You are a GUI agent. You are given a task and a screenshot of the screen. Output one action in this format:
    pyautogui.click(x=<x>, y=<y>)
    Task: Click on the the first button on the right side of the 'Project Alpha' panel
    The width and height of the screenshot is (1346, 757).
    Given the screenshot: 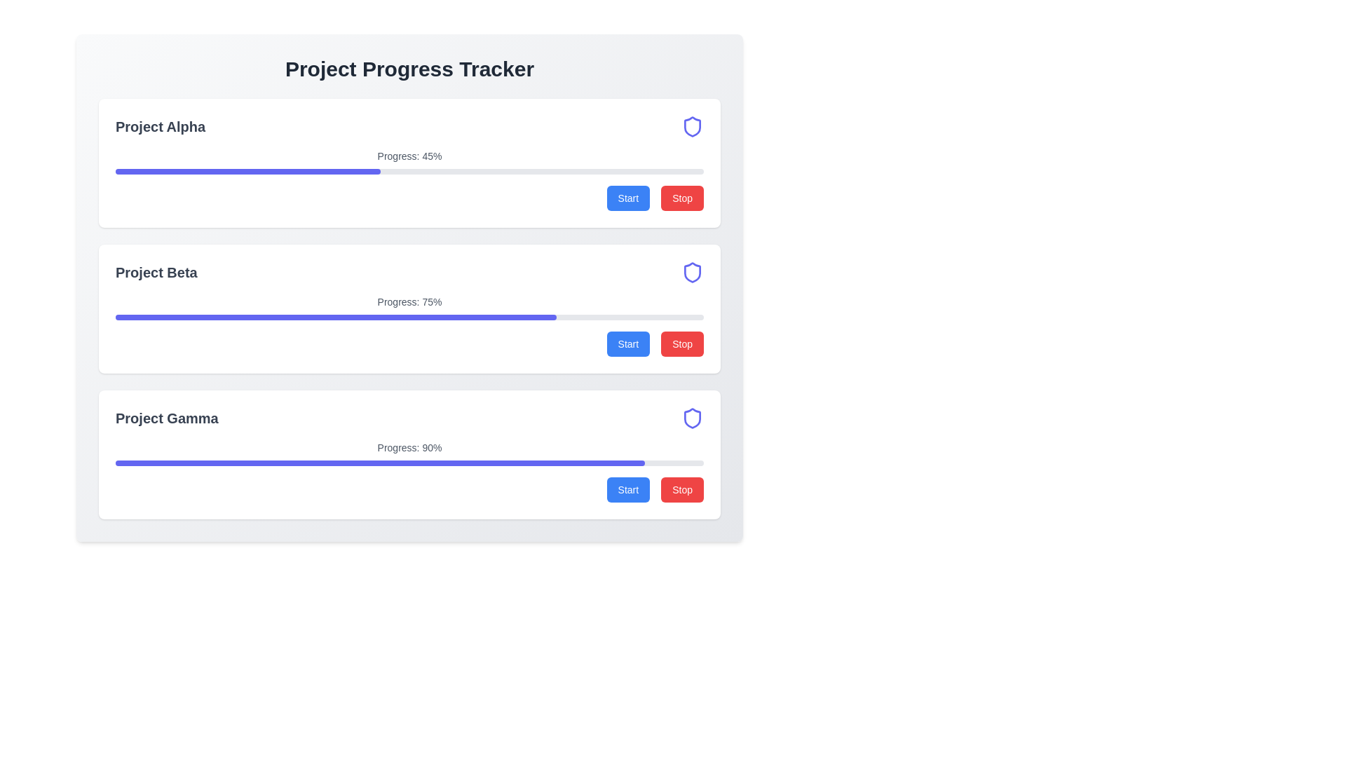 What is the action you would take?
    pyautogui.click(x=627, y=198)
    